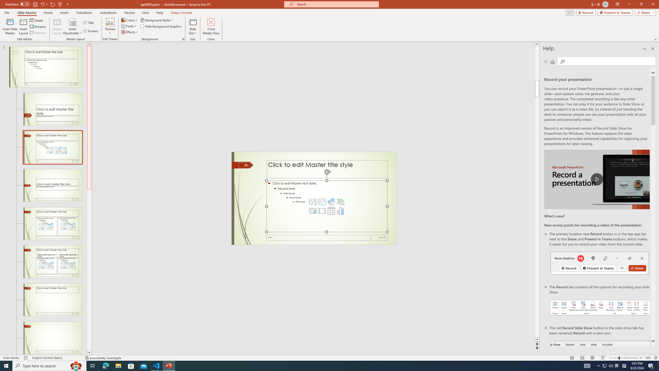  I want to click on 'Pictures', so click(322, 201).